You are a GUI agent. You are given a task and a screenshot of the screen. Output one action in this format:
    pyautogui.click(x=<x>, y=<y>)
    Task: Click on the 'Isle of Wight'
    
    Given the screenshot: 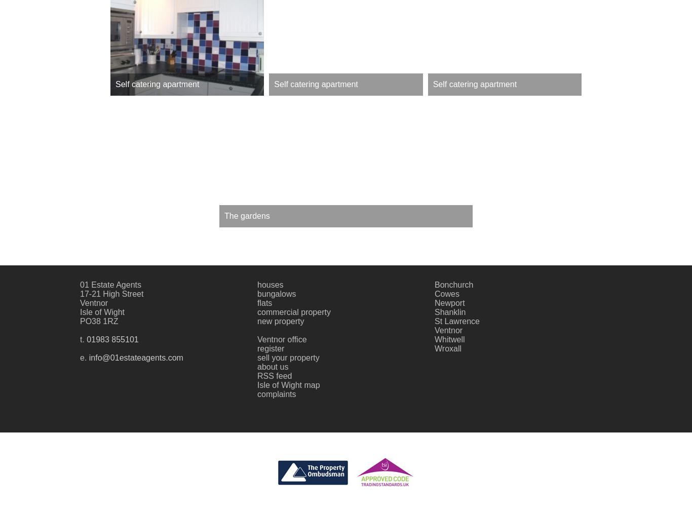 What is the action you would take?
    pyautogui.click(x=80, y=311)
    